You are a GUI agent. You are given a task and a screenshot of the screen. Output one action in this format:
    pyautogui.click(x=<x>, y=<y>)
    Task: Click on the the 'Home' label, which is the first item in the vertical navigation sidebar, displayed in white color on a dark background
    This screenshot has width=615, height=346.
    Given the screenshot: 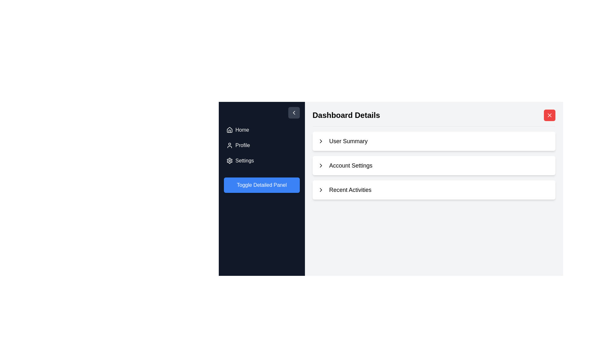 What is the action you would take?
    pyautogui.click(x=242, y=130)
    